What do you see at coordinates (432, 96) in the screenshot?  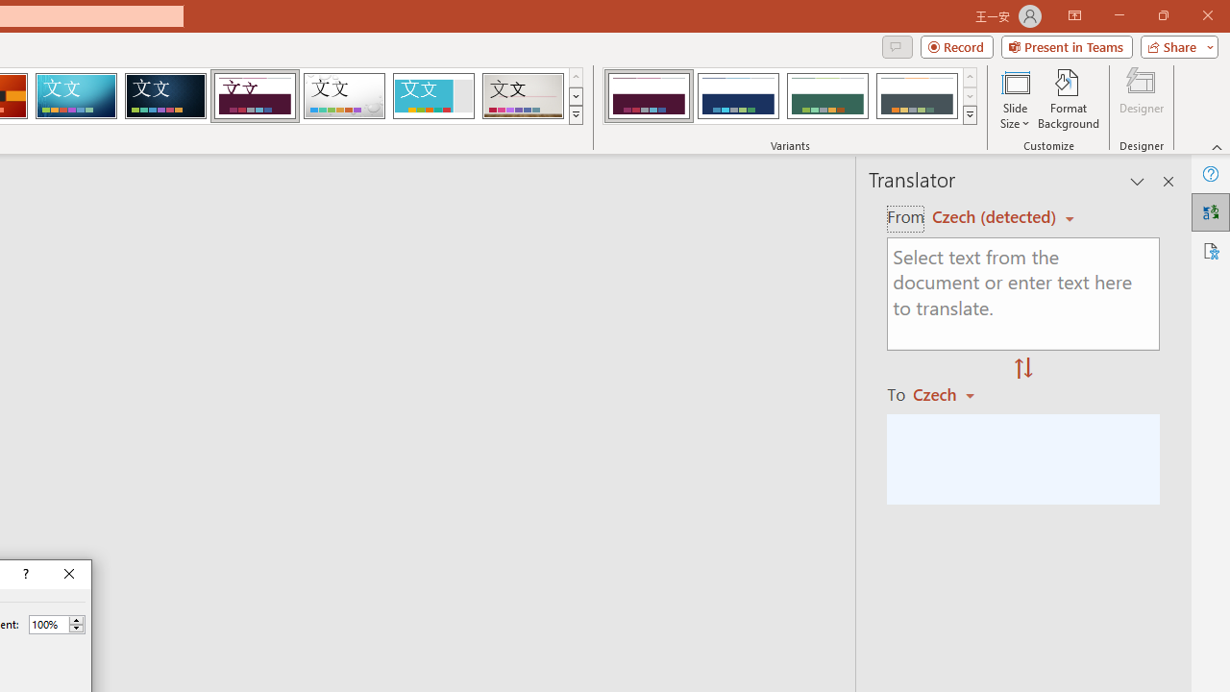 I see `'Frame'` at bounding box center [432, 96].